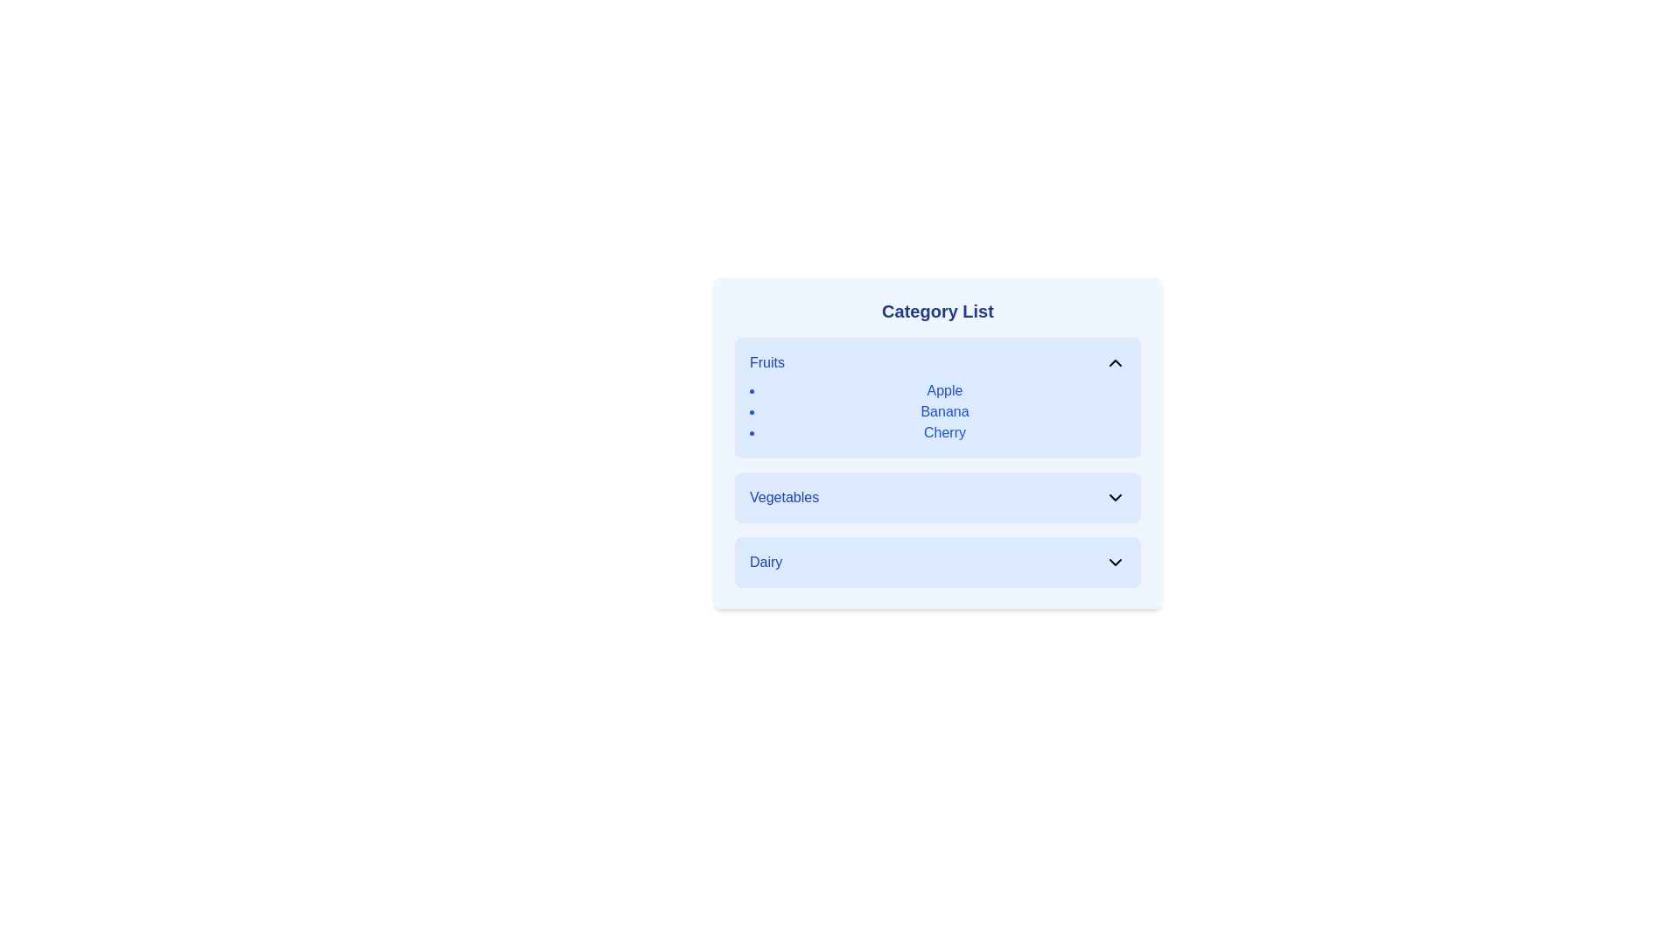 The width and height of the screenshot is (1680, 945). Describe the element at coordinates (766, 563) in the screenshot. I see `the blue-colored text label 'Dairy' which is the last category in the list and is styled with a medium font weight` at that location.